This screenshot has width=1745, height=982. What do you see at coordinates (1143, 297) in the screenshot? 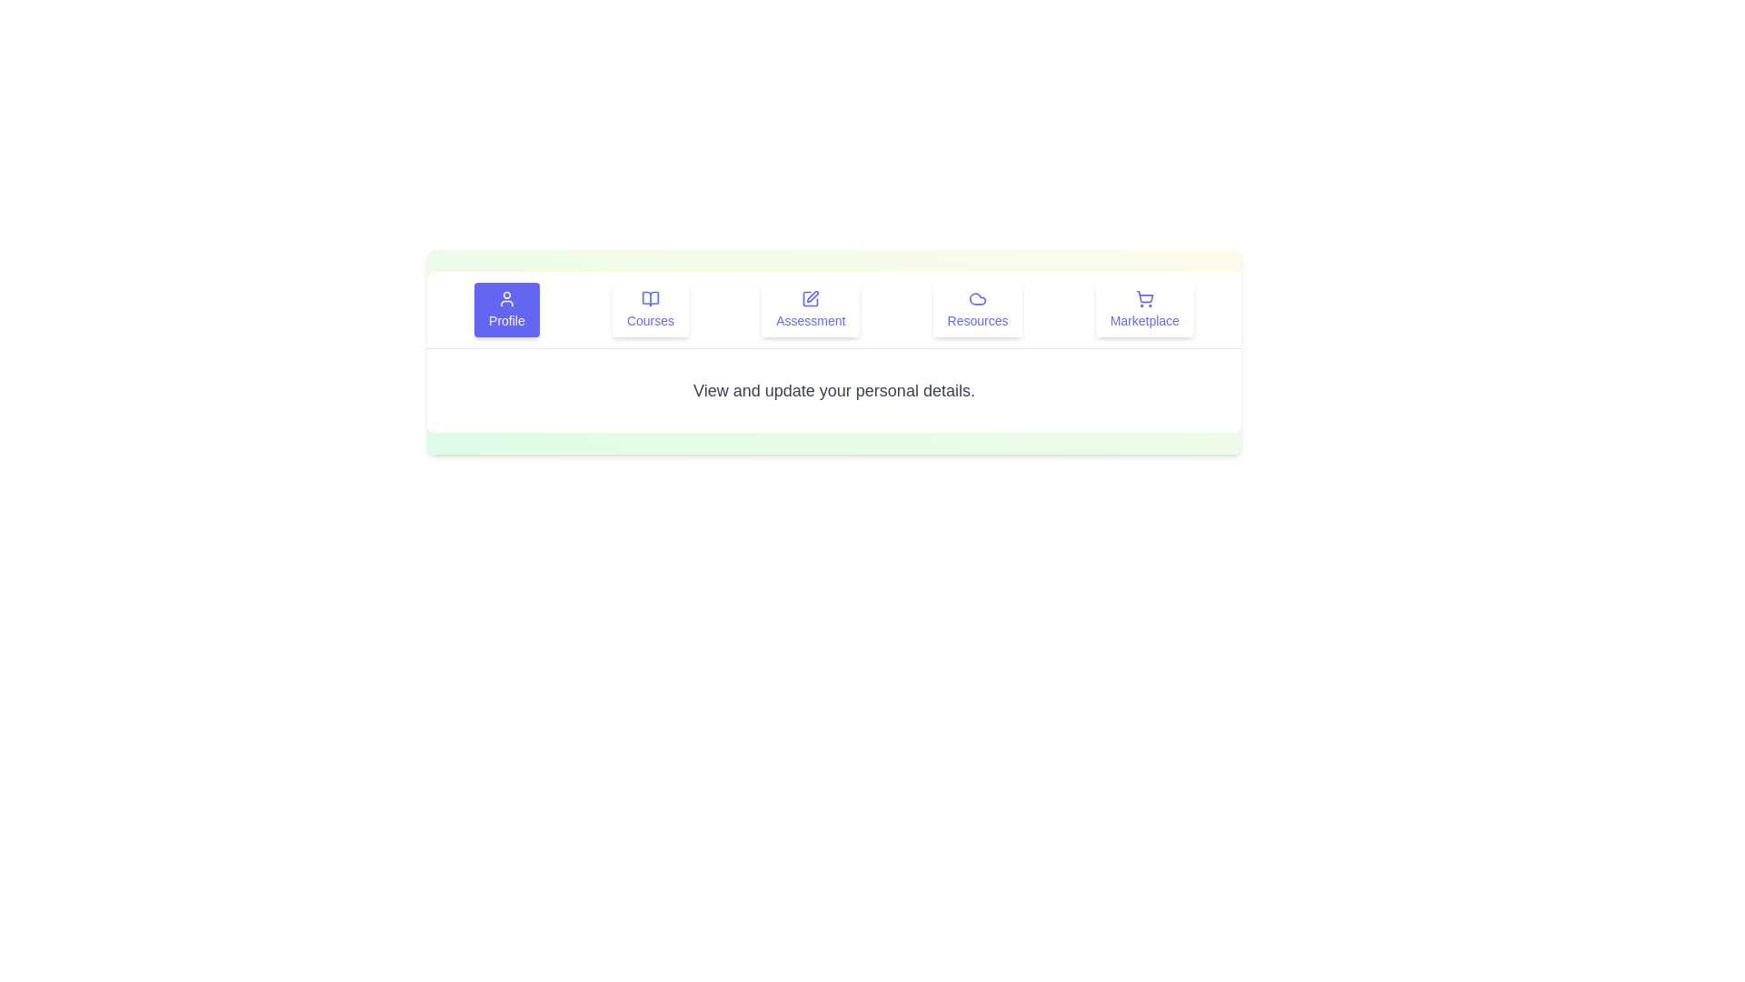
I see `the shopping cart SVG icon located at the center-top section of the 'Marketplace' button, positioned above the text label 'Marketplace'` at bounding box center [1143, 297].